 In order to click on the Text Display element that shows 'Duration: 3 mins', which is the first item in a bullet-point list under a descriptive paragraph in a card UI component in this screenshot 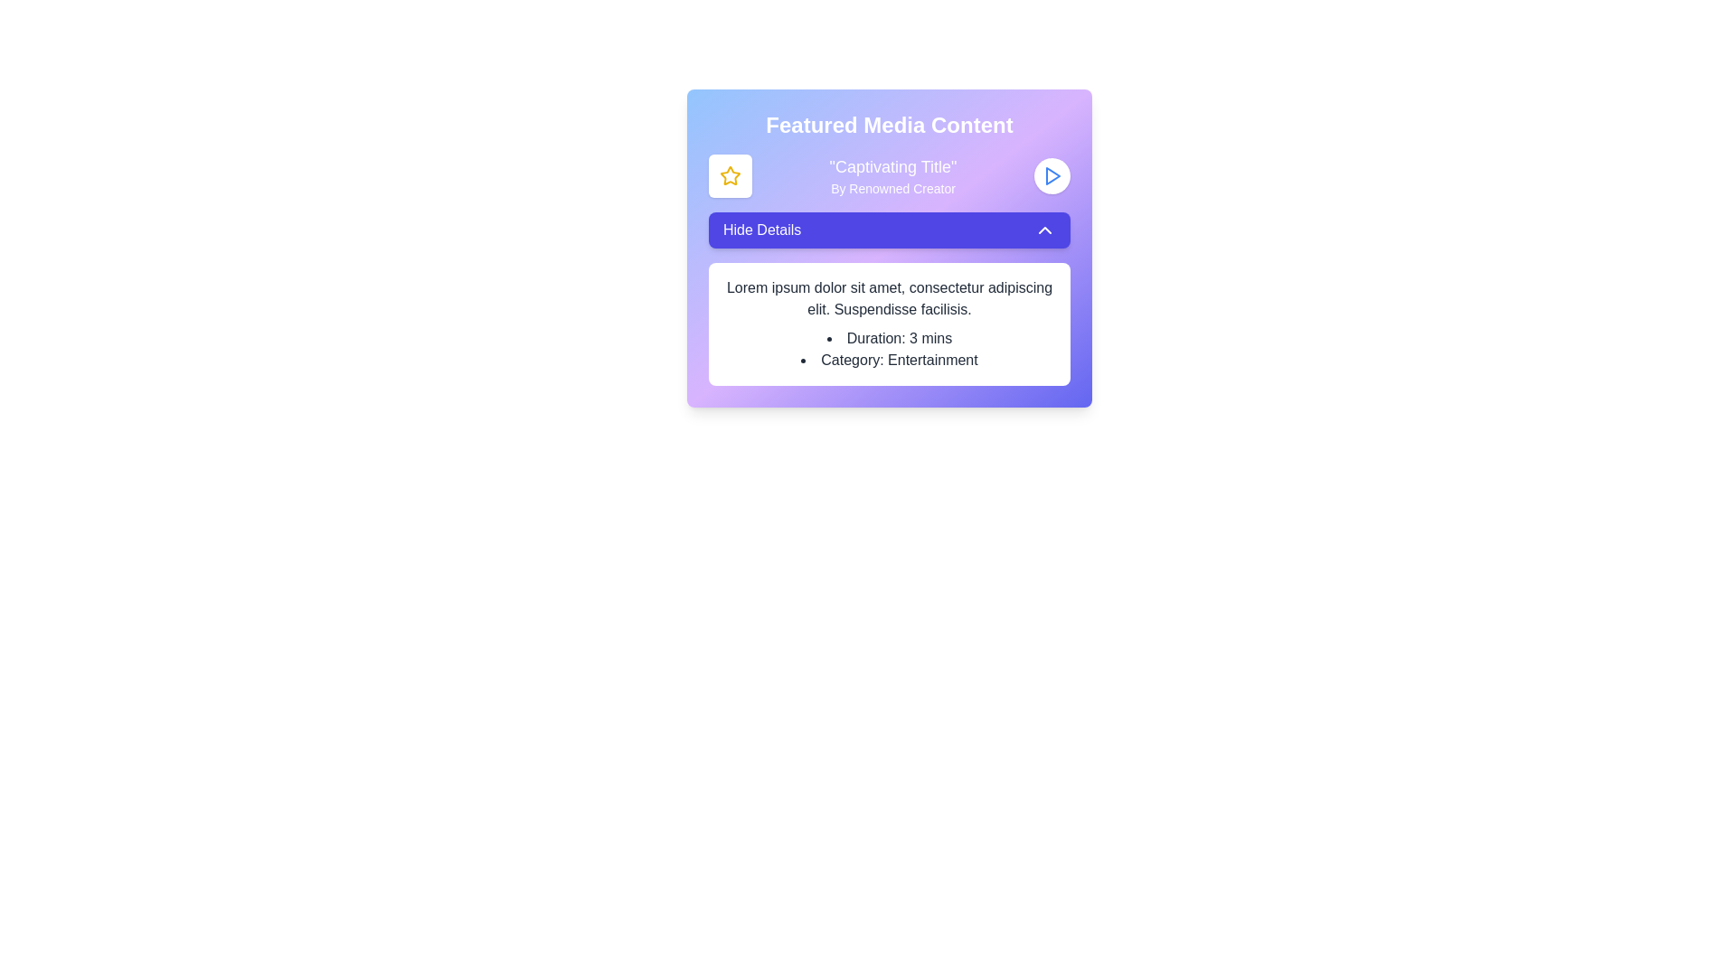, I will do `click(889, 338)`.